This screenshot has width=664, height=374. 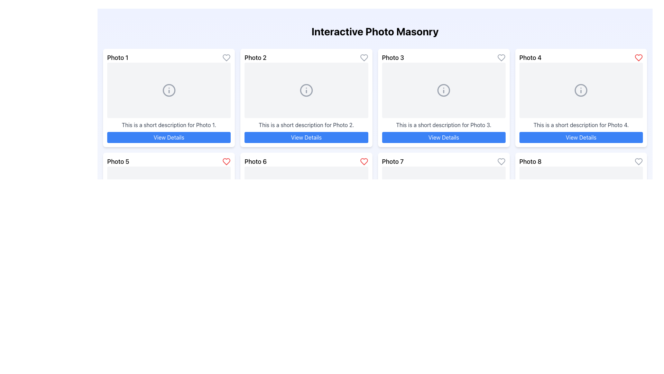 I want to click on the heart icon located at the top-right corner of the 'Photo 8' card, so click(x=638, y=161).